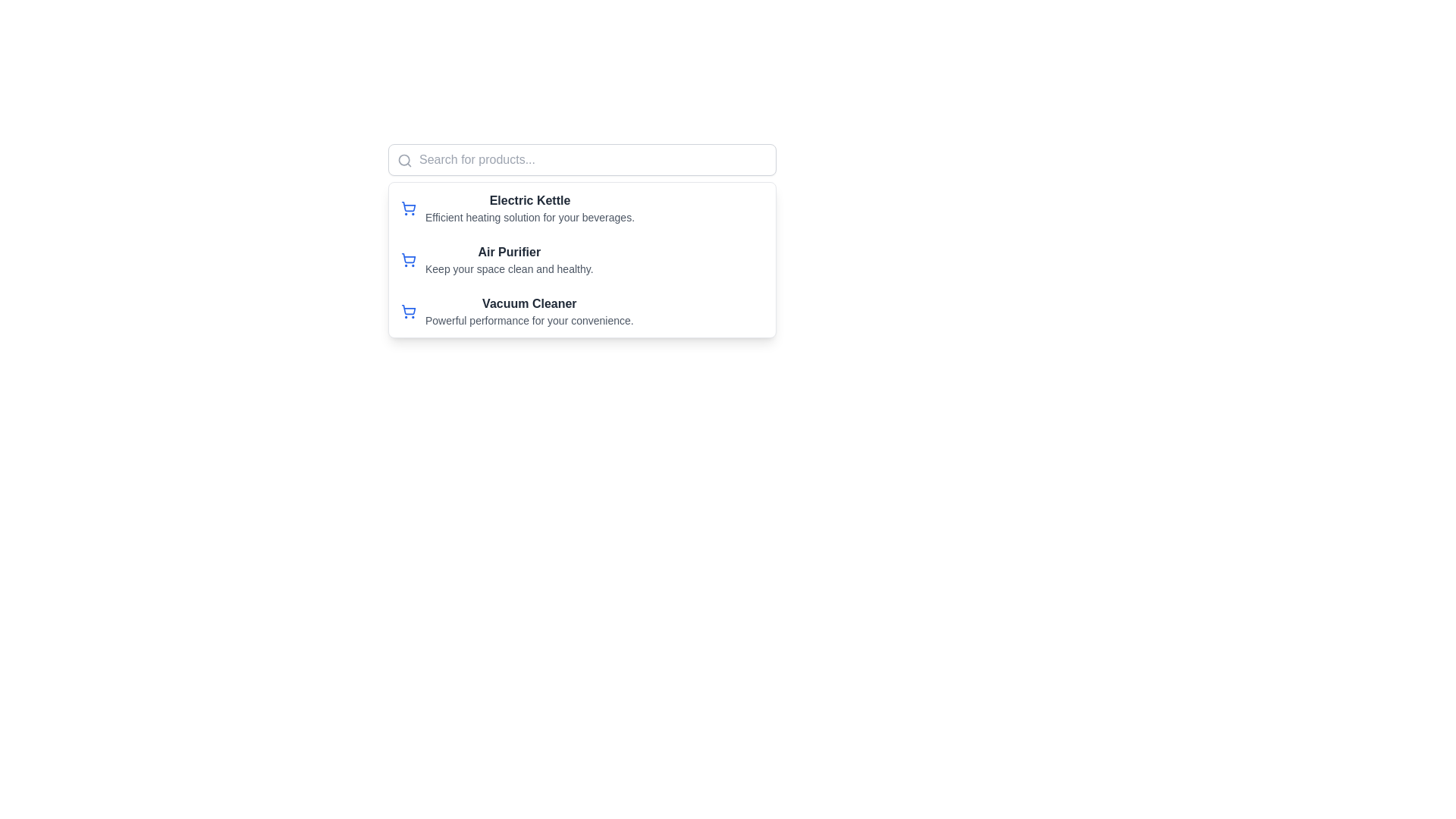 The image size is (1456, 819). I want to click on the text label displaying 'Powerful performance for your convenience.' located directly beneath the title 'Vacuum Cleaner.', so click(529, 320).